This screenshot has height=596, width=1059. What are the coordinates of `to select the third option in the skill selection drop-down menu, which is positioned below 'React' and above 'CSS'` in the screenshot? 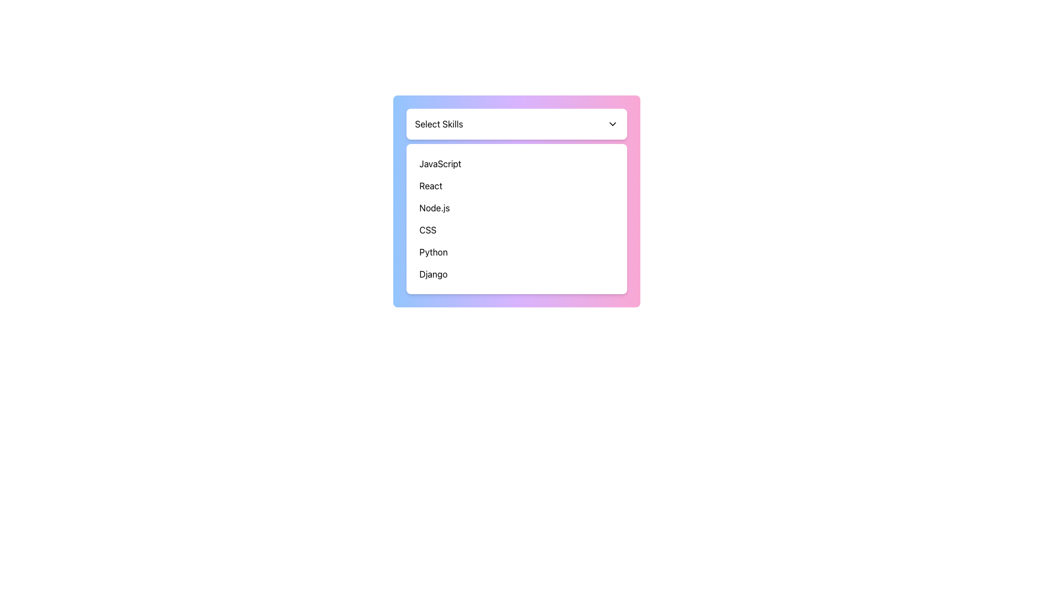 It's located at (516, 208).